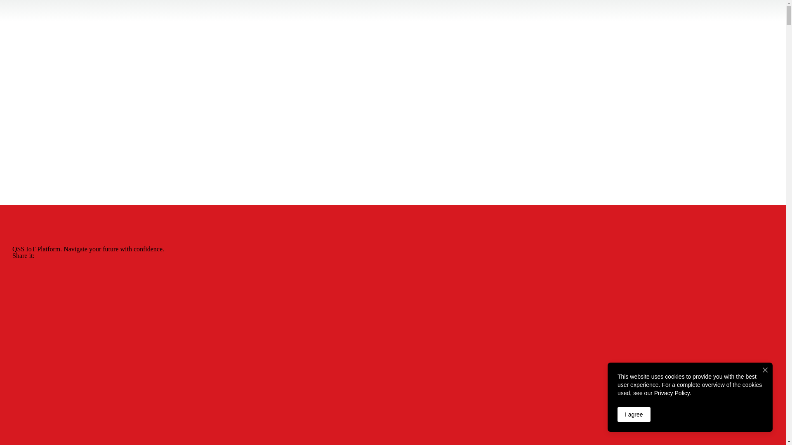 The height and width of the screenshot is (445, 792). Describe the element at coordinates (618, 415) in the screenshot. I see `'I agree'` at that location.